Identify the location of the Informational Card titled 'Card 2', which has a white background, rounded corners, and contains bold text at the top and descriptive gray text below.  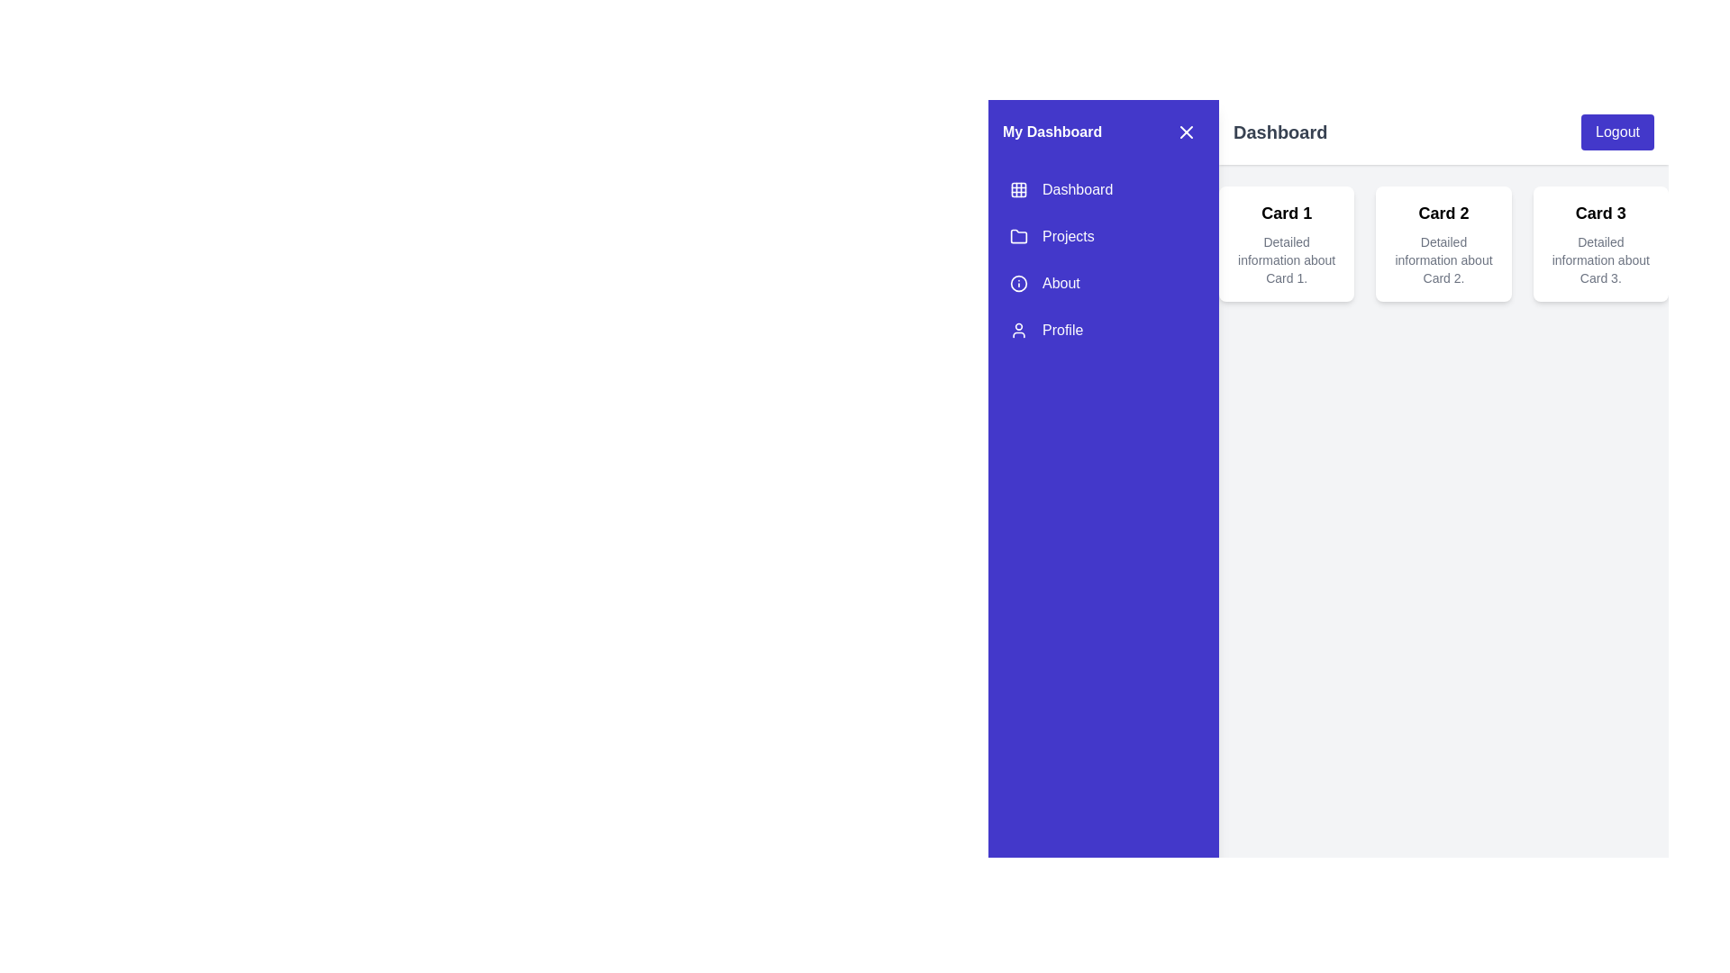
(1443, 243).